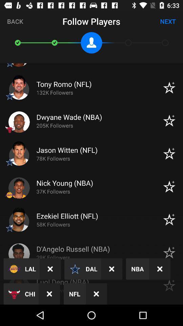 The image size is (183, 326). I want to click on the icon to the right of the dal, so click(111, 269).